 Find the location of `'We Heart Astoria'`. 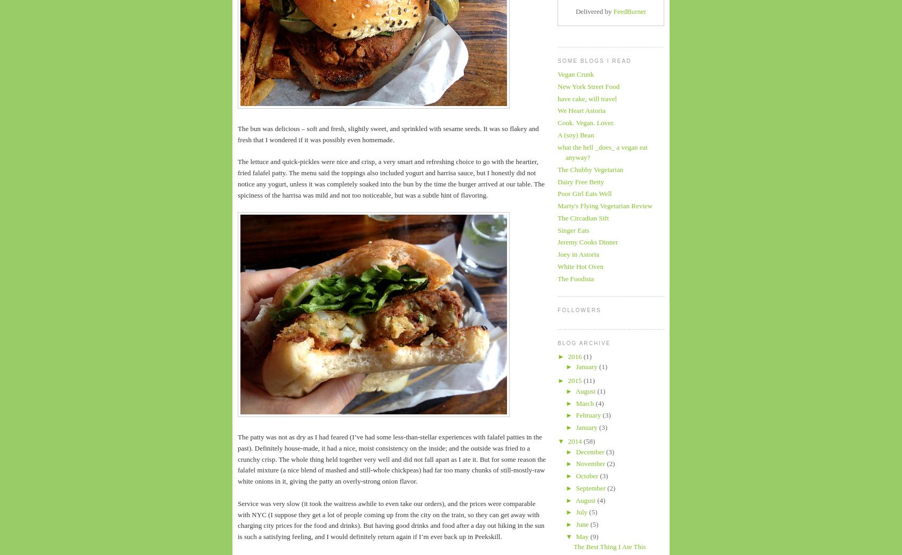

'We Heart Astoria' is located at coordinates (581, 110).